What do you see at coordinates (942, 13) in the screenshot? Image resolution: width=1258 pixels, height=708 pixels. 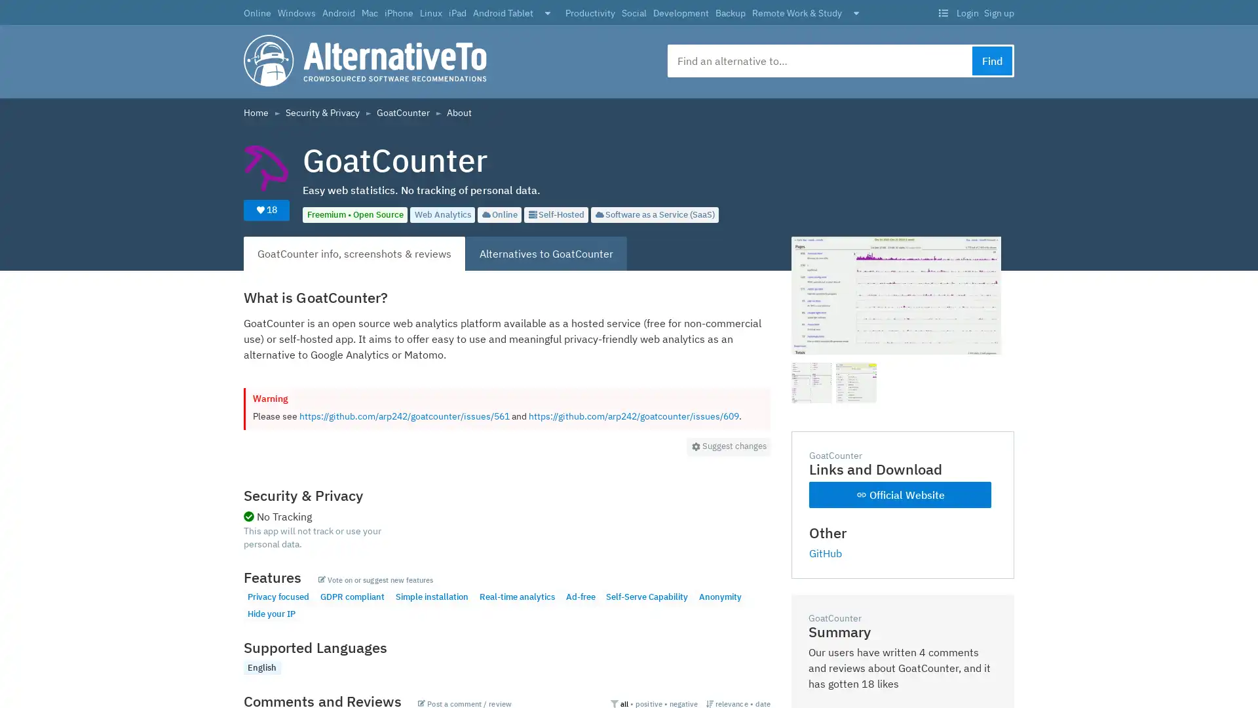 I see `Show Custom Lists` at bounding box center [942, 13].